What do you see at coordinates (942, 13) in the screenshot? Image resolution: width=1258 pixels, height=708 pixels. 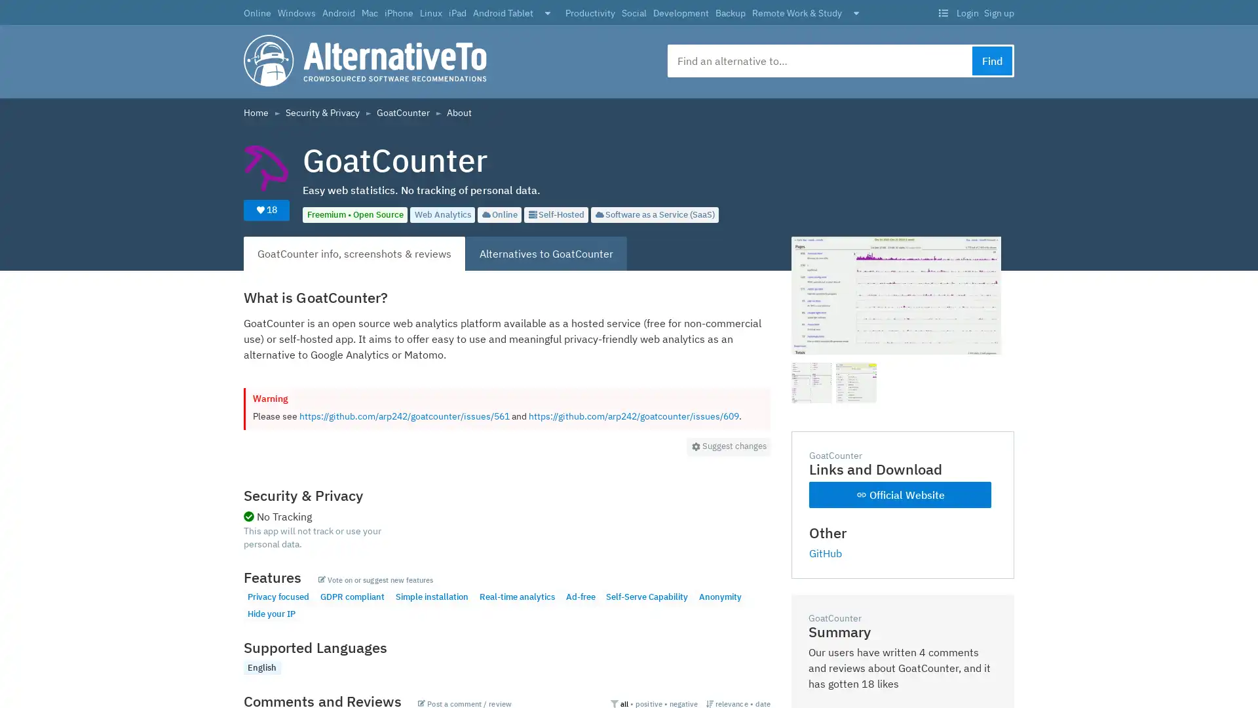 I see `Show Custom Lists` at bounding box center [942, 13].